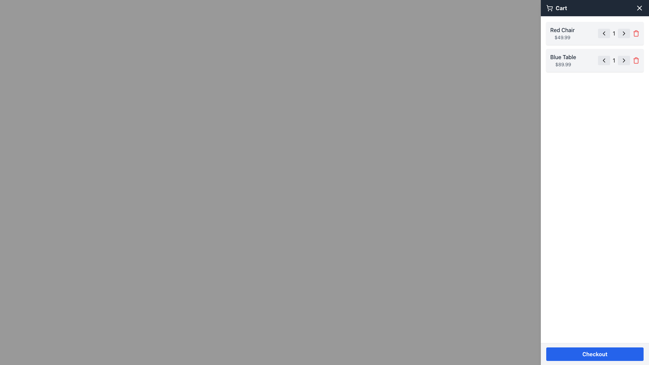  What do you see at coordinates (619, 60) in the screenshot?
I see `the number display element showing '1' located in the second row of the 'Blue Table $89.99' card` at bounding box center [619, 60].